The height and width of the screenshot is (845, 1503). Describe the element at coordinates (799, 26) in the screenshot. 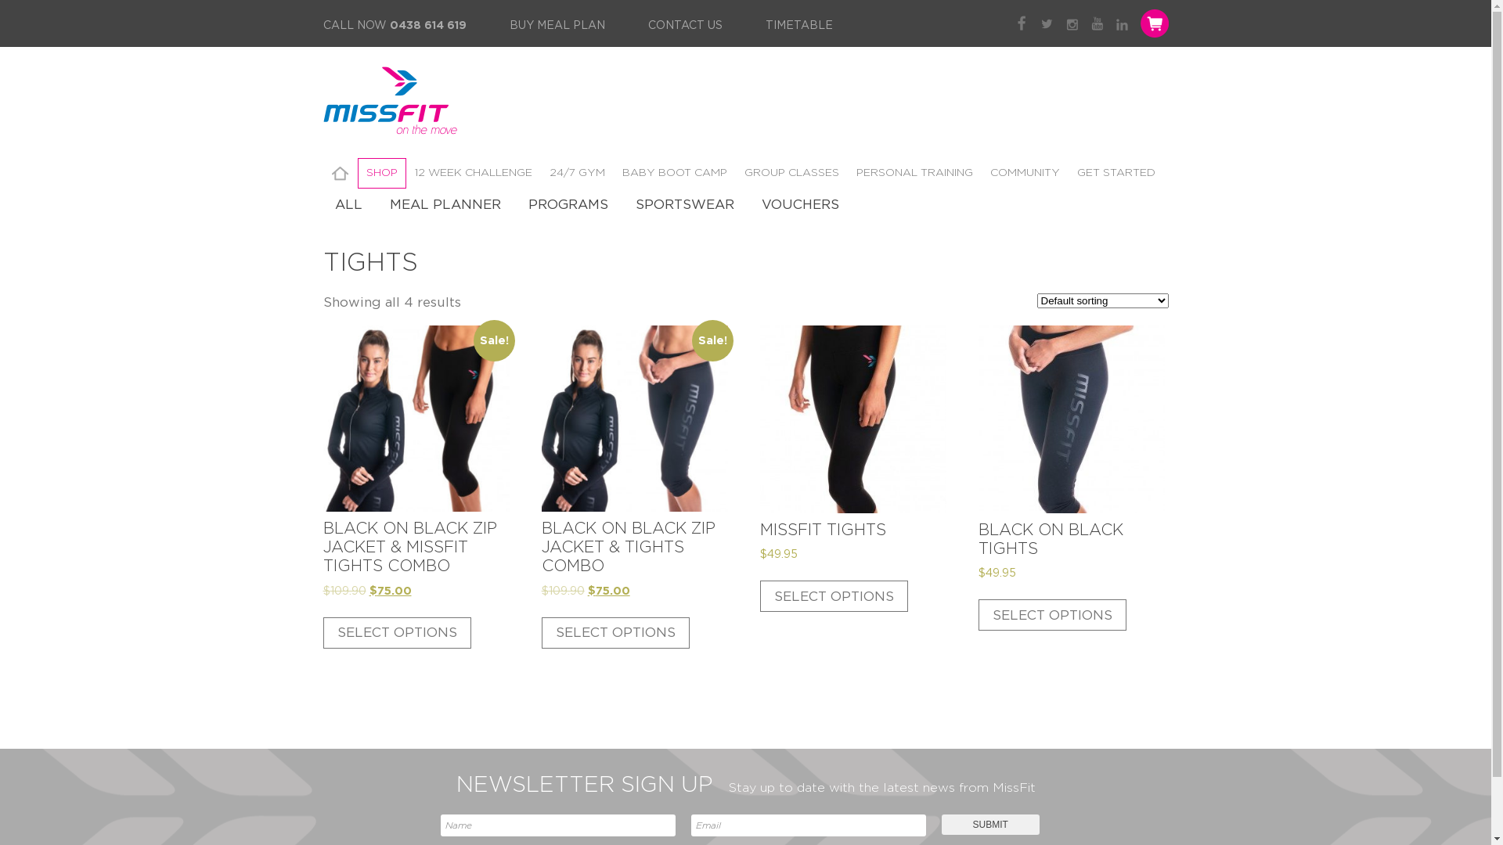

I see `'TIMETABLE'` at that location.